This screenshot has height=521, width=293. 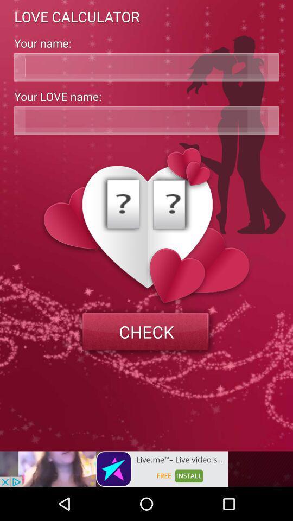 What do you see at coordinates (146, 120) in the screenshot?
I see `address page` at bounding box center [146, 120].